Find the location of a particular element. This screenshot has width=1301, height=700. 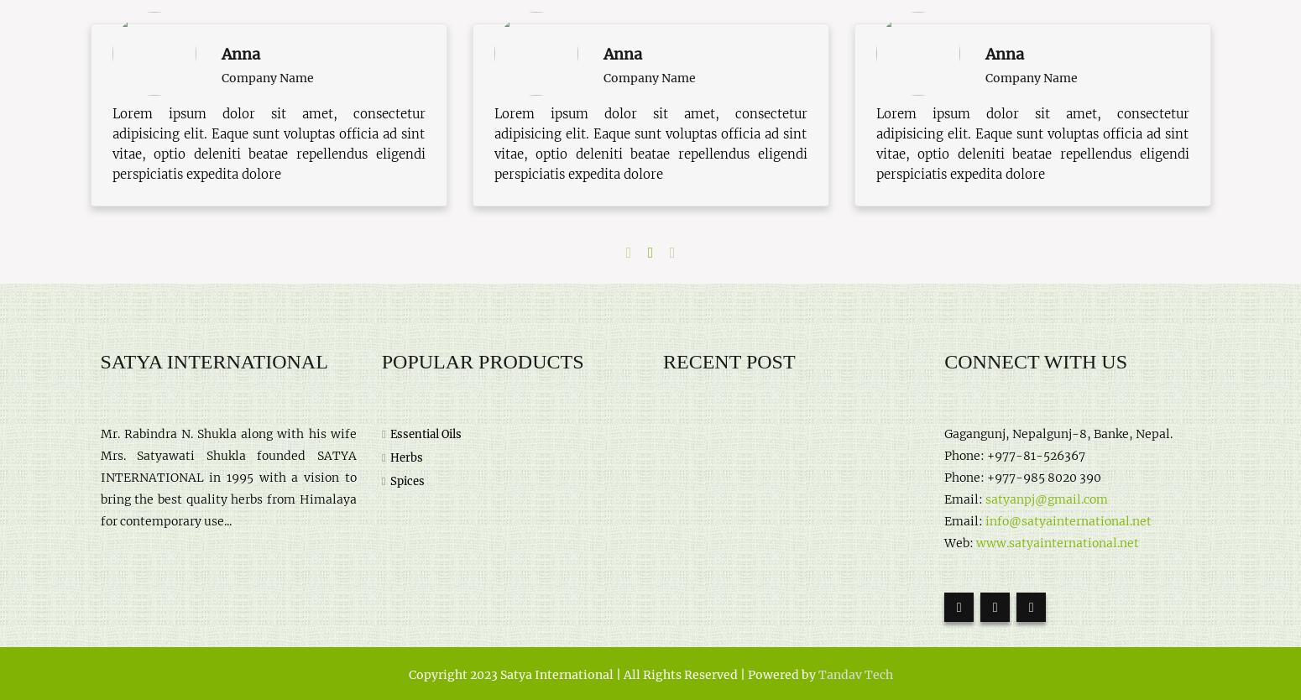

'Popular Products' is located at coordinates (482, 361).